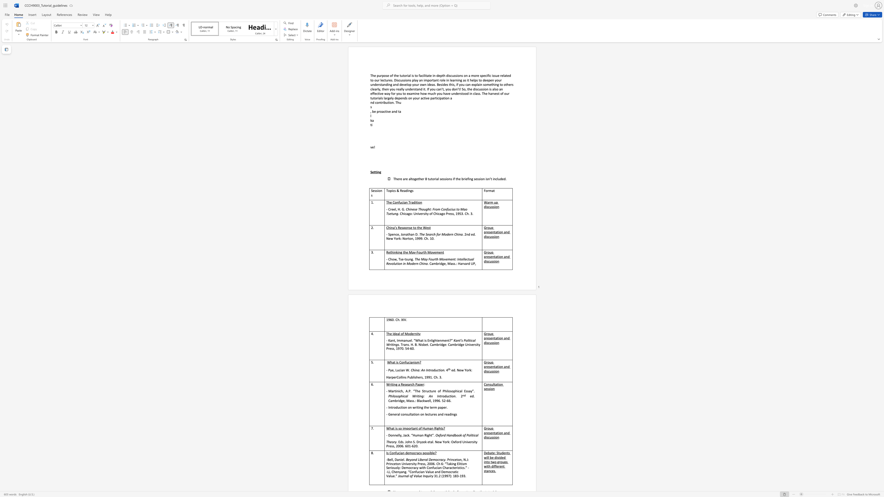  What do you see at coordinates (390, 259) in the screenshot?
I see `the subset text "how, Tse-tsung." within the text "- Chow, Tse-tsung."` at bounding box center [390, 259].